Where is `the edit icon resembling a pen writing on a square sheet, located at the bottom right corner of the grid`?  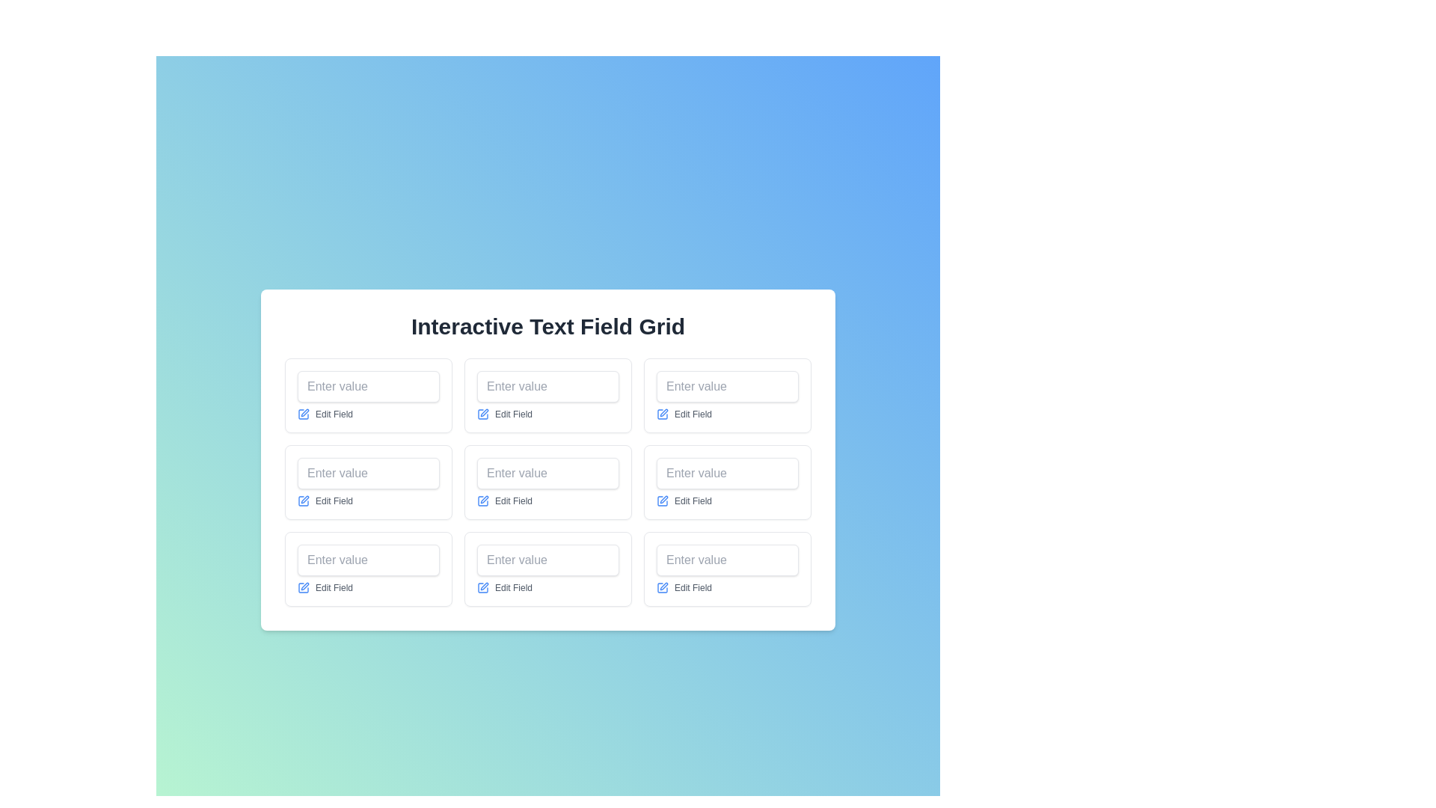 the edit icon resembling a pen writing on a square sheet, located at the bottom right corner of the grid is located at coordinates (663, 499).